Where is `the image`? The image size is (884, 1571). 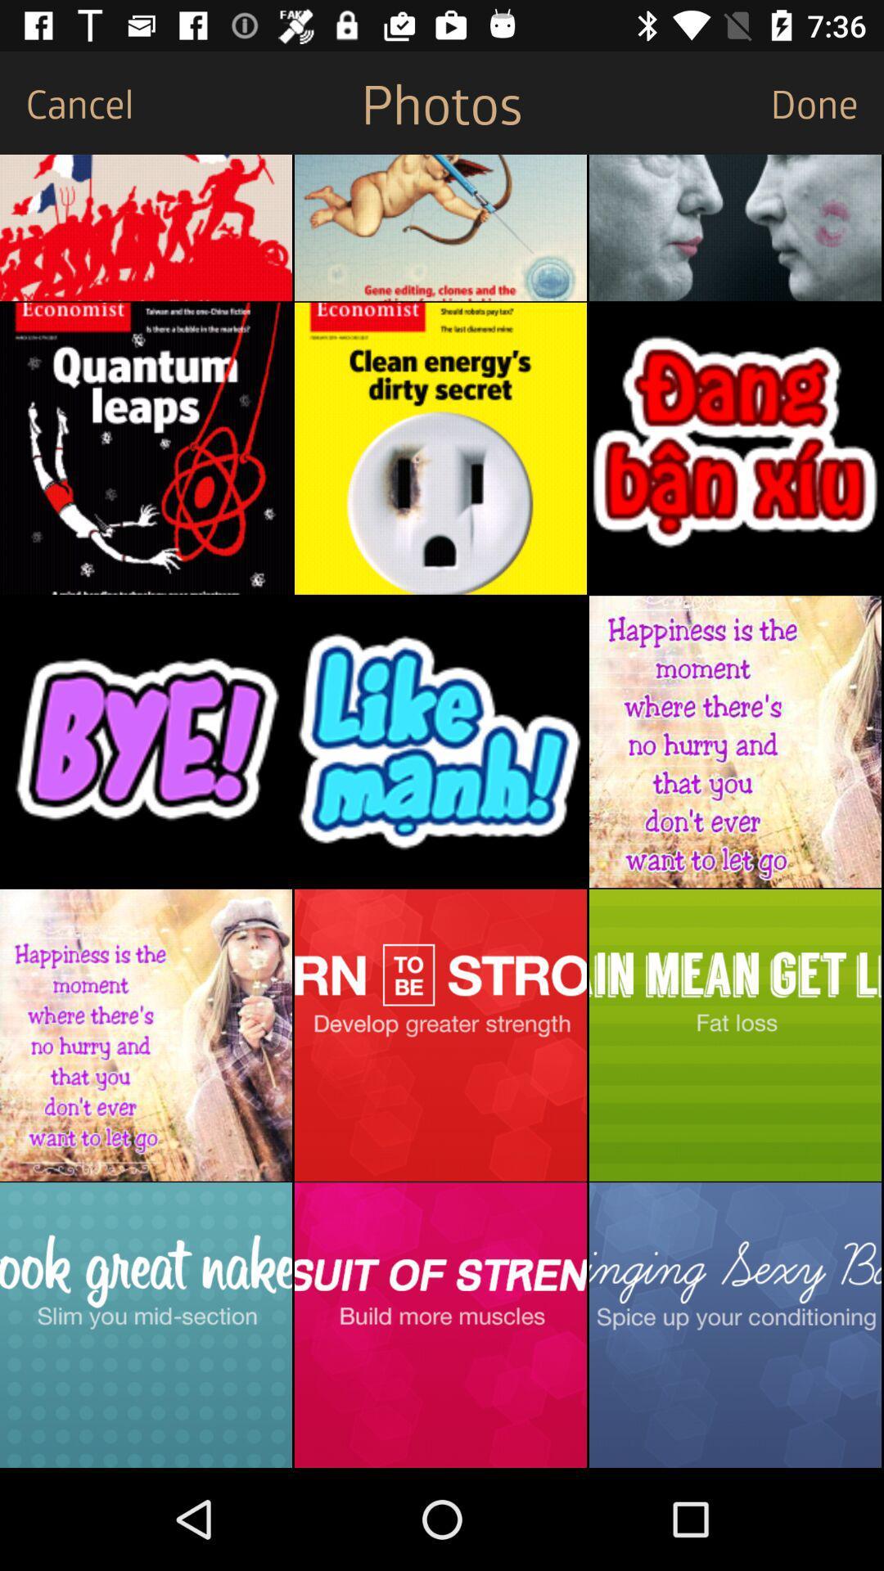
the image is located at coordinates (145, 448).